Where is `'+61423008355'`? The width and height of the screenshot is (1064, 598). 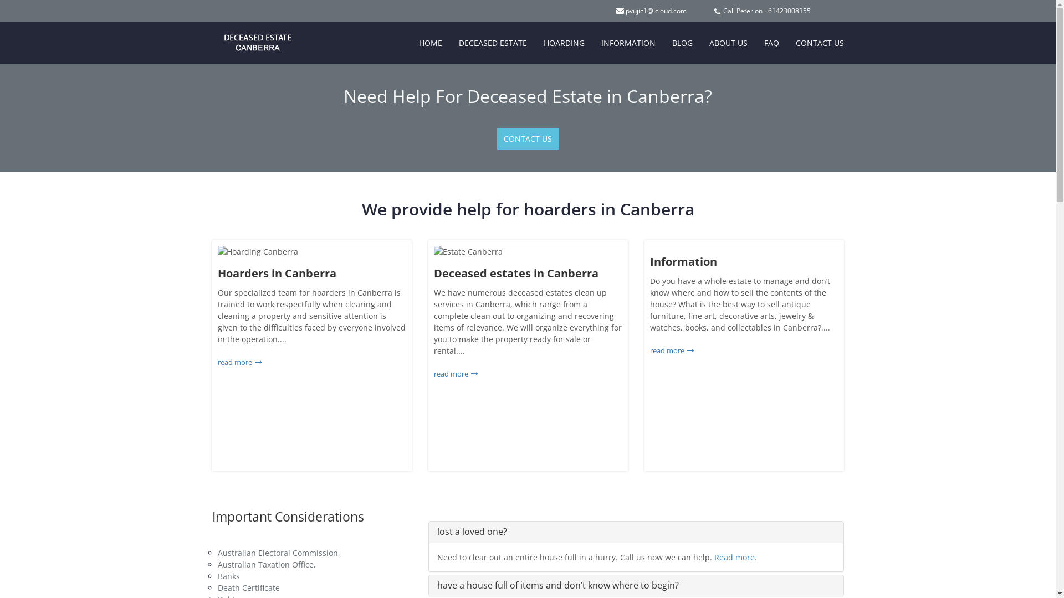
'+61423008355' is located at coordinates (786, 11).